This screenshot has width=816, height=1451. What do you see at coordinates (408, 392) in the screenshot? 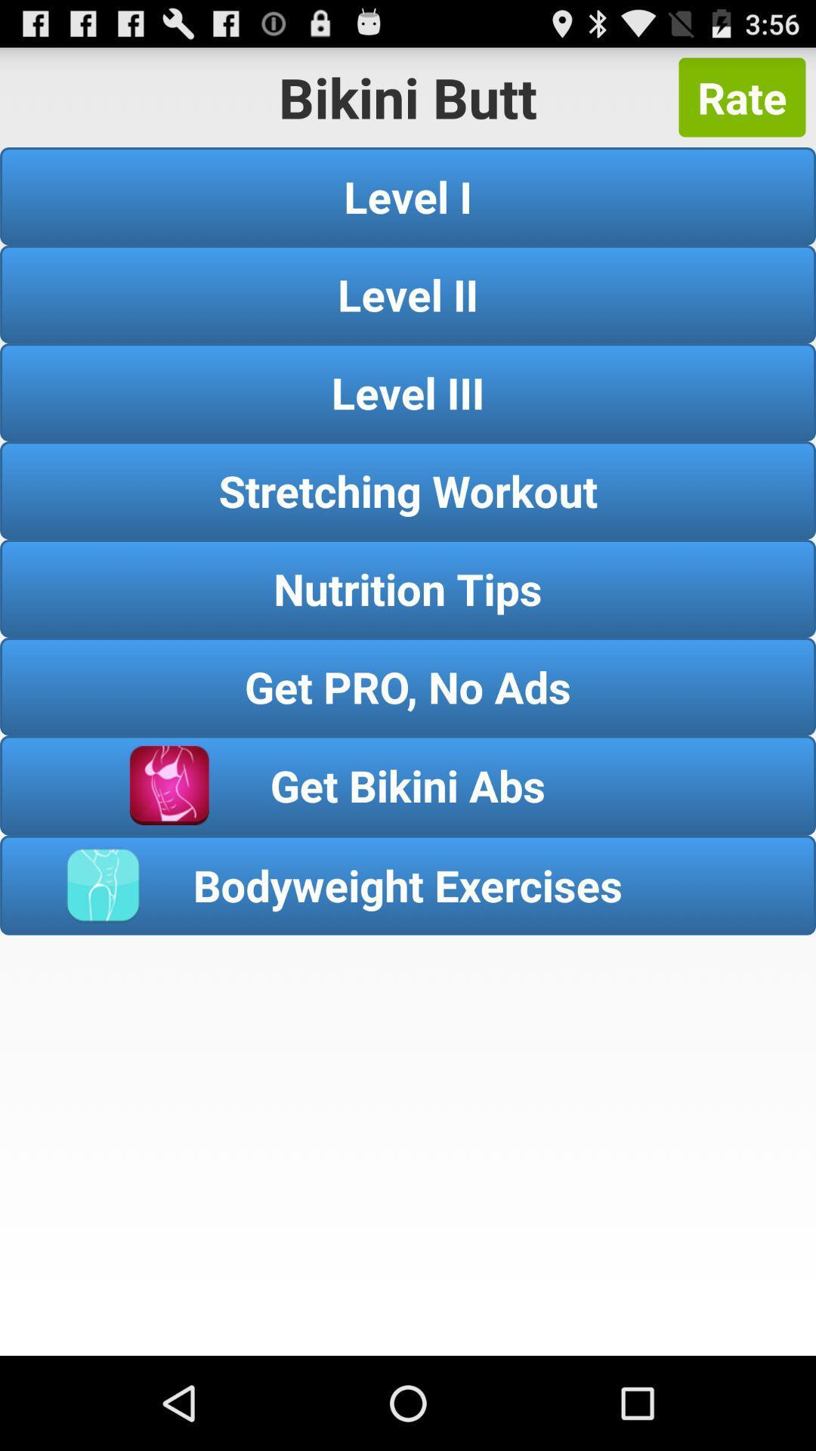
I see `the level iii` at bounding box center [408, 392].